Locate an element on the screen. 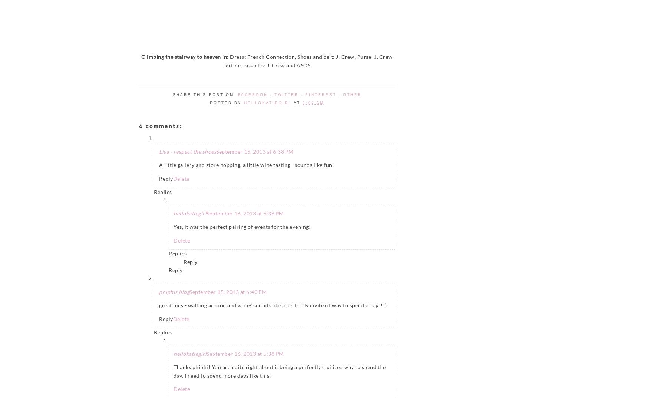  'Yes, it was the perfect pairing of events for the evening!' is located at coordinates (241, 226).